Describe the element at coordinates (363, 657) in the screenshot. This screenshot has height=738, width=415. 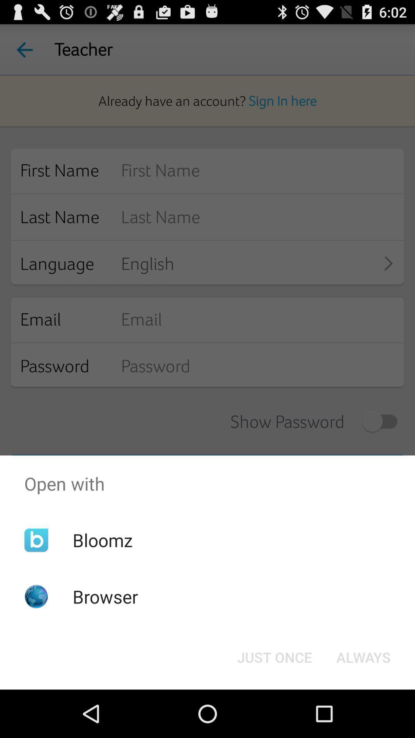
I see `app below the open with item` at that location.